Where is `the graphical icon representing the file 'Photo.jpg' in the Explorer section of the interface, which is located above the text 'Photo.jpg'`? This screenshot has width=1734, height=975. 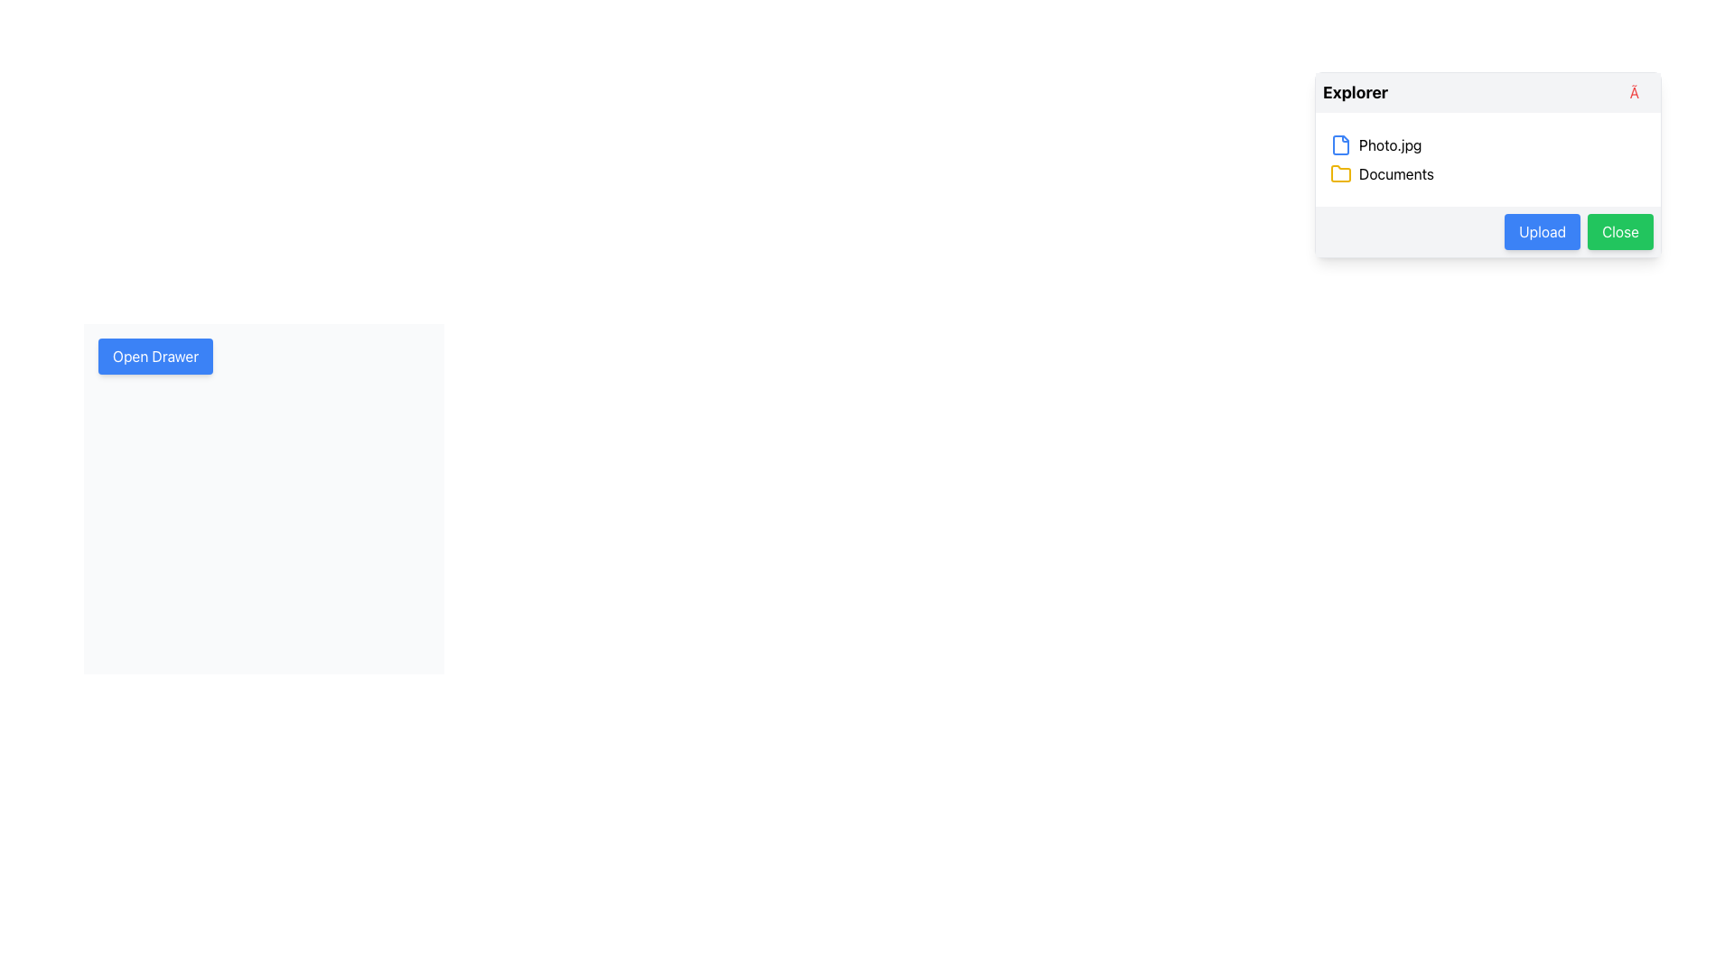 the graphical icon representing the file 'Photo.jpg' in the Explorer section of the interface, which is located above the text 'Photo.jpg' is located at coordinates (1340, 144).